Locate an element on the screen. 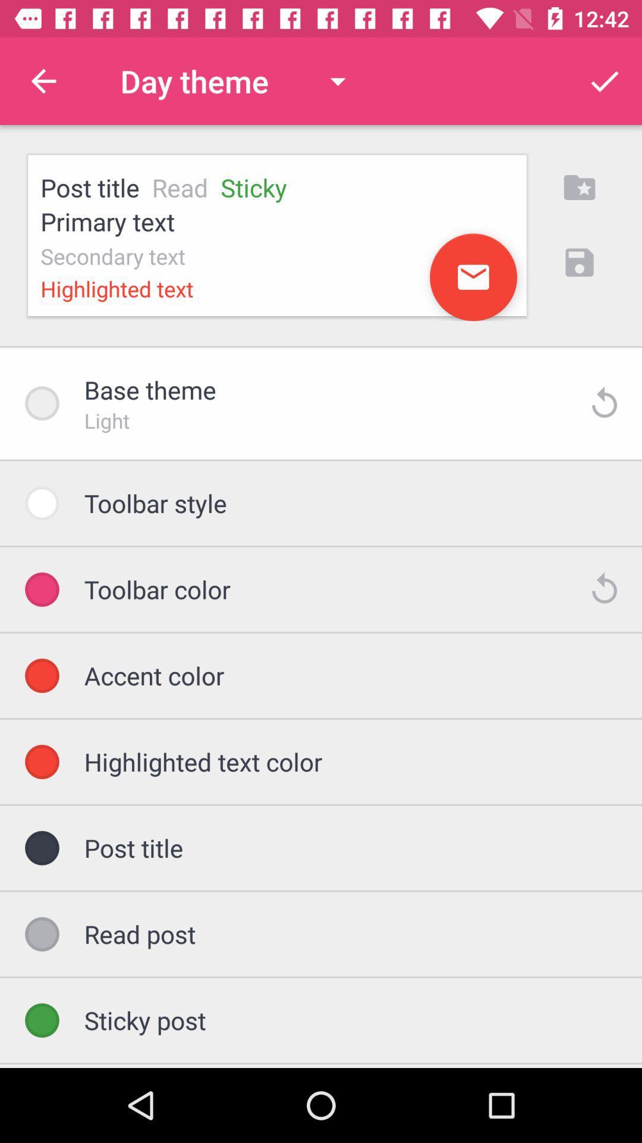 This screenshot has height=1143, width=642. the star icon which is below right tick mark is located at coordinates (579, 187).